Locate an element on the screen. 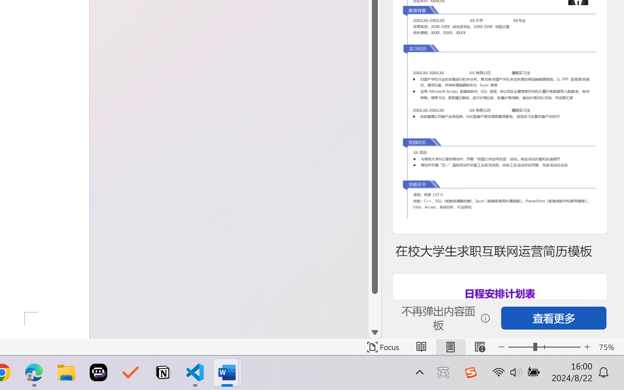 The width and height of the screenshot is (624, 390). 'Web Layout' is located at coordinates (480, 347).